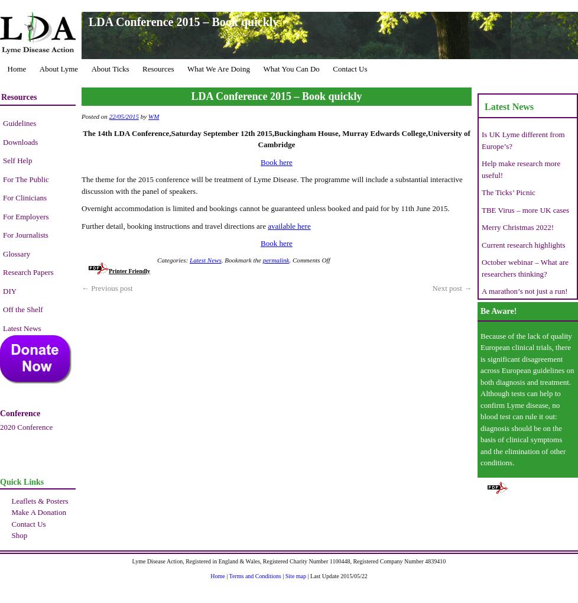  Describe the element at coordinates (19, 122) in the screenshot. I see `'Guidelines'` at that location.